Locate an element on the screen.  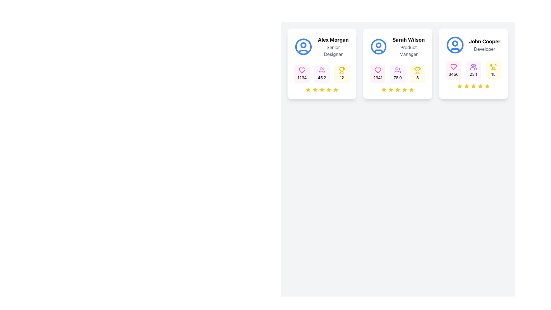
the second star icon in the rating system located below the name and title of 'Sarah Wilson.' is located at coordinates (391, 90).